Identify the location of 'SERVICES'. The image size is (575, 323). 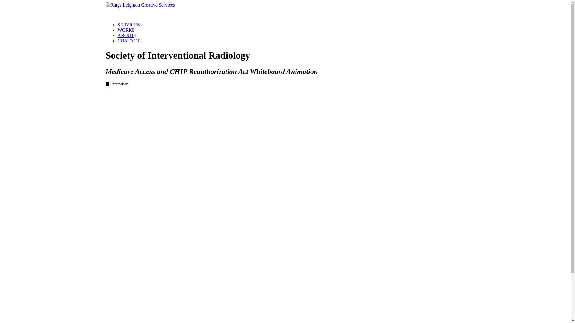
(129, 24).